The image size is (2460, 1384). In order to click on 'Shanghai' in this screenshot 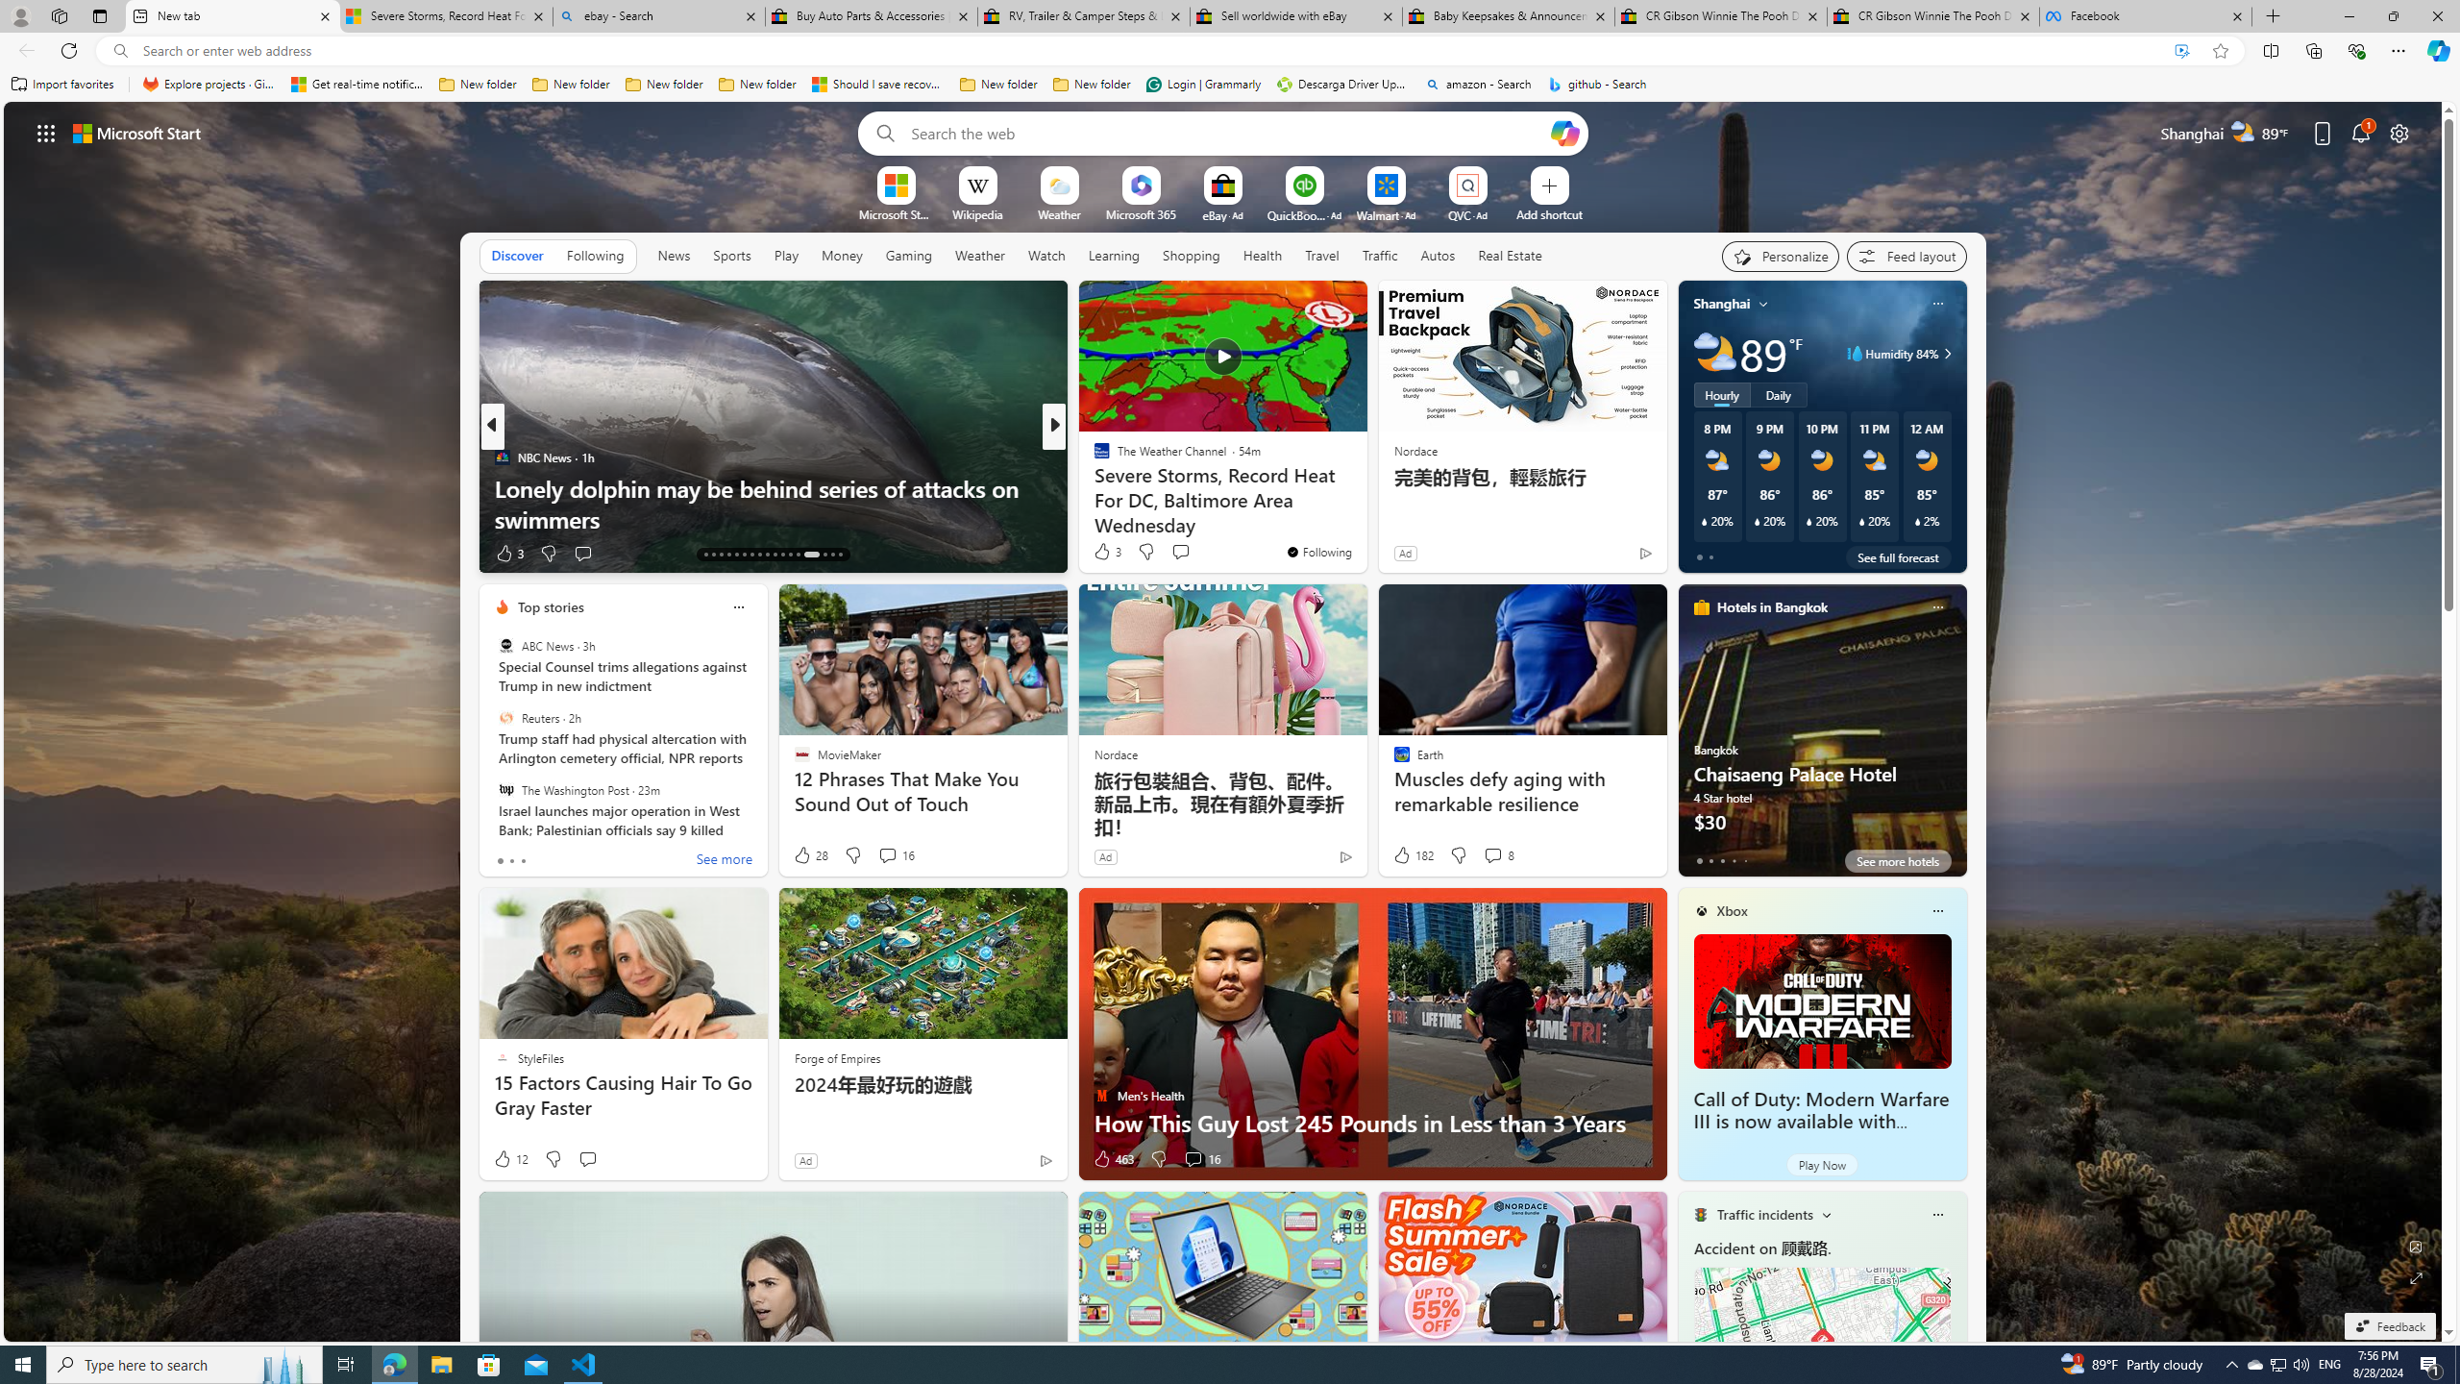, I will do `click(1721, 303)`.